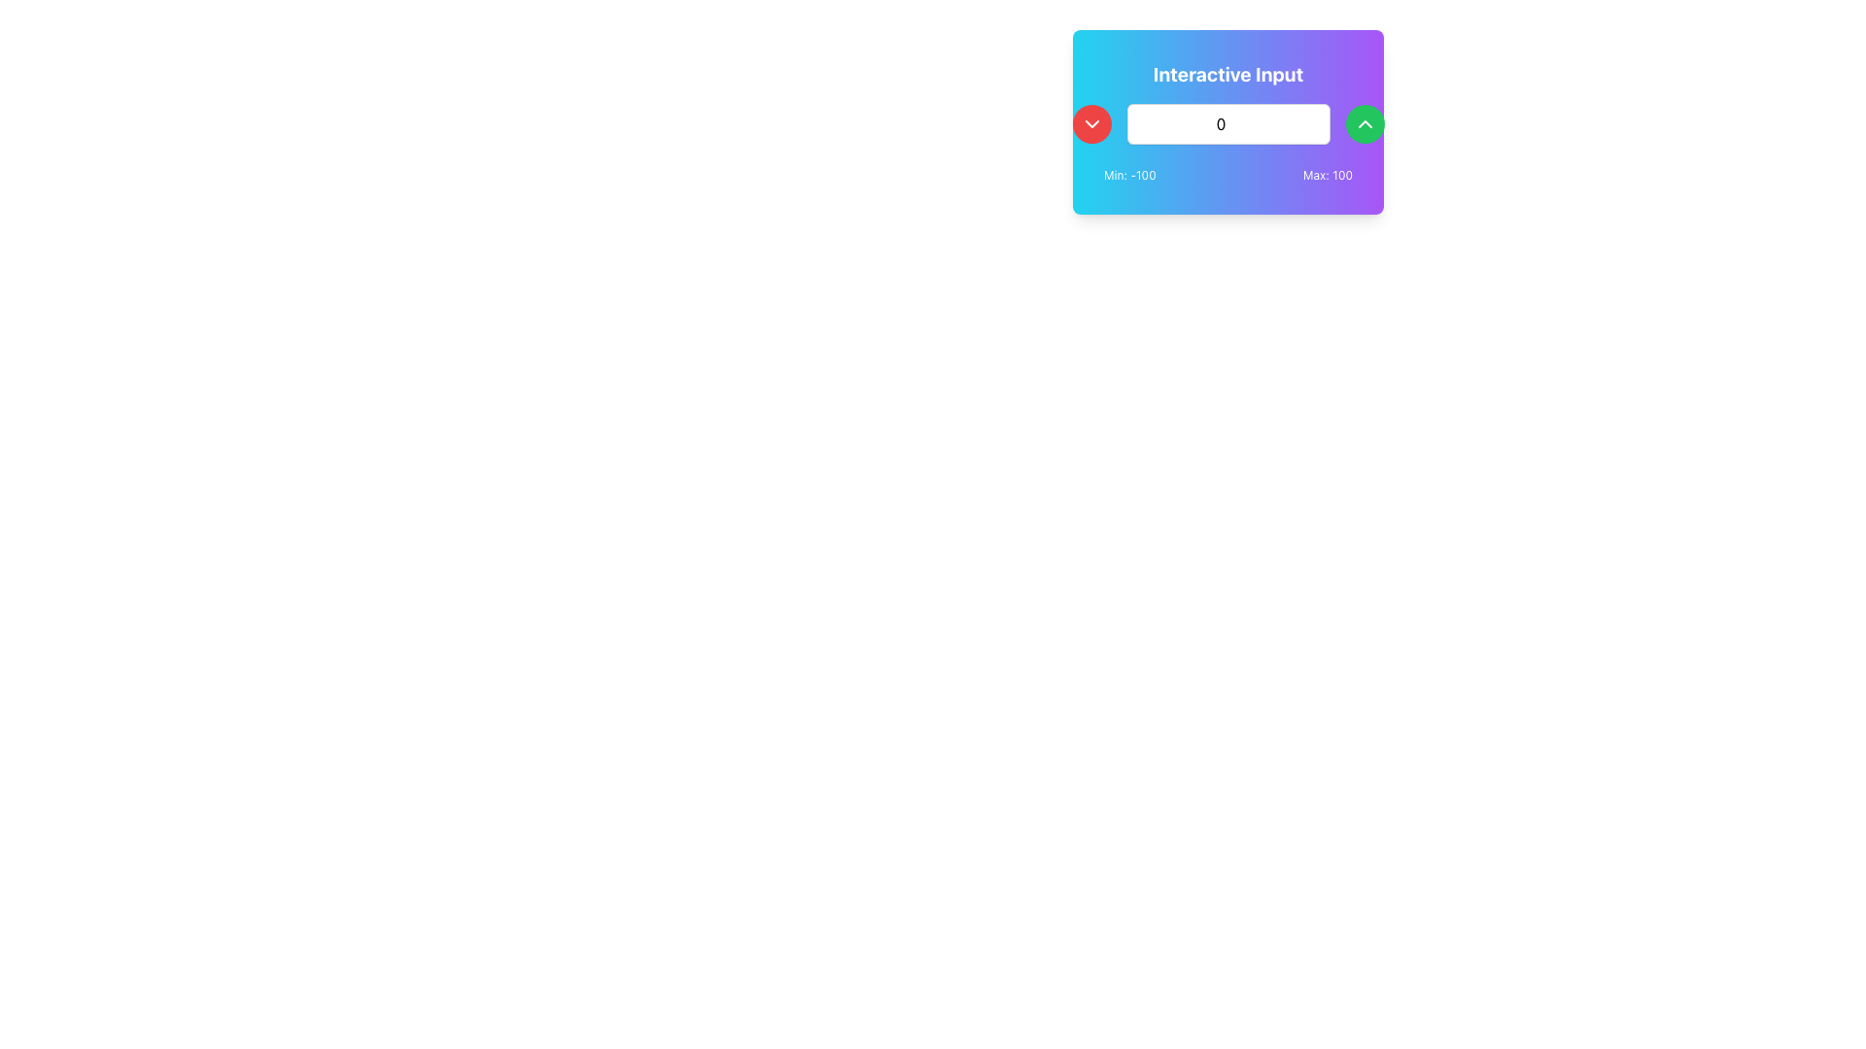 The height and width of the screenshot is (1049, 1866). What do you see at coordinates (1364, 123) in the screenshot?
I see `the chevron SVG icon inside the green circular button located at the top-right corner of the interactive input card to increment the input value` at bounding box center [1364, 123].